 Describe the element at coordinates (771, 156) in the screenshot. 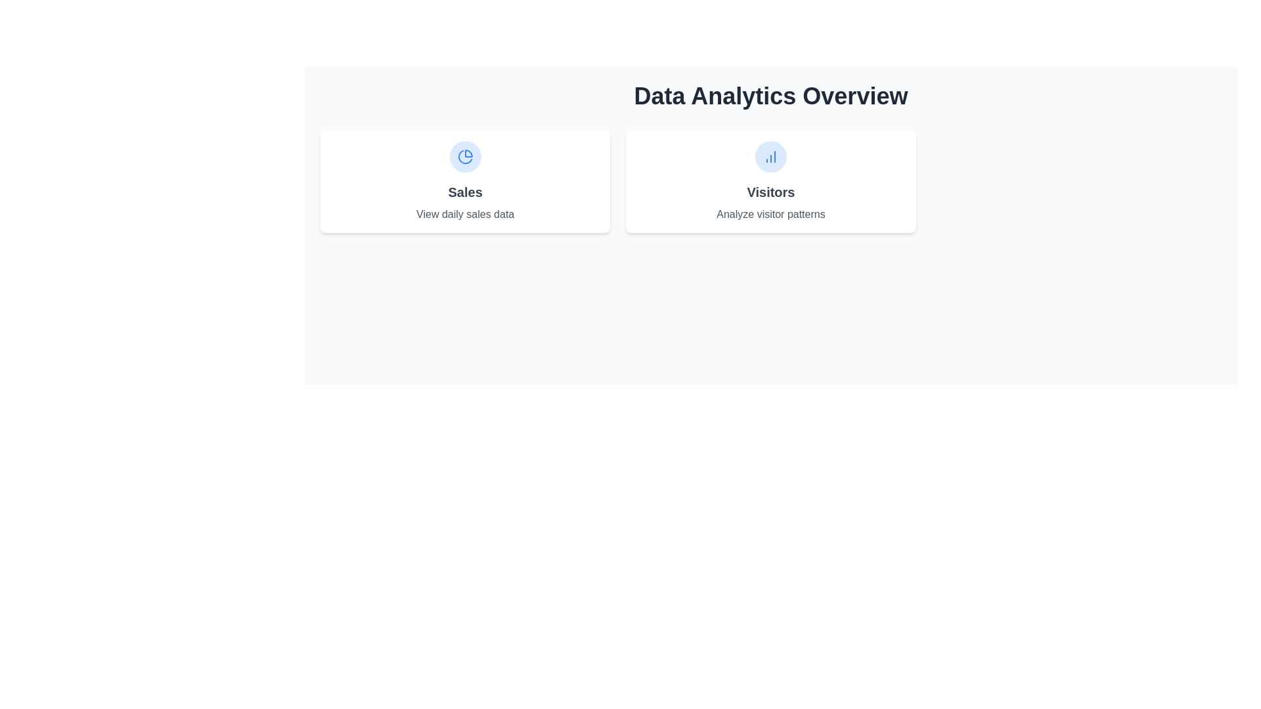

I see `the circular icon with a light blue background and a chart-like symbol, prominently positioned in the center of the 'Visitors' card under the 'Data Analytics Overview' header` at that location.